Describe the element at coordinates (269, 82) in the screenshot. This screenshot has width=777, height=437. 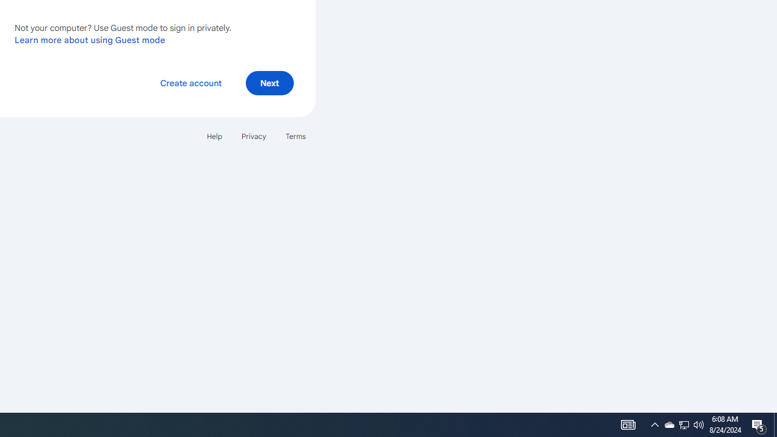
I see `'Next'` at that location.